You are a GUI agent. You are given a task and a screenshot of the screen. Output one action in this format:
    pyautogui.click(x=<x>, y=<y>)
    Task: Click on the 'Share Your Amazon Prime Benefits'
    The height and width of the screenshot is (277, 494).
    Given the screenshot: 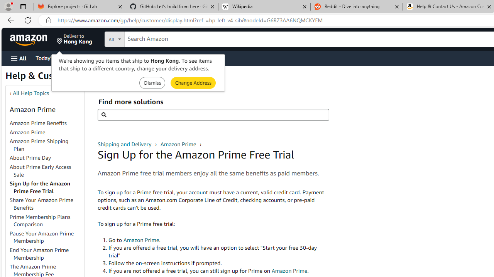 What is the action you would take?
    pyautogui.click(x=41, y=203)
    